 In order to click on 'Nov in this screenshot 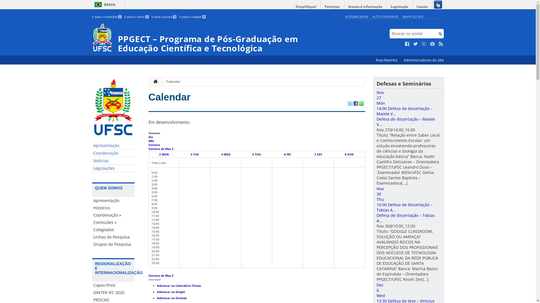, I will do `click(408, 97)`.